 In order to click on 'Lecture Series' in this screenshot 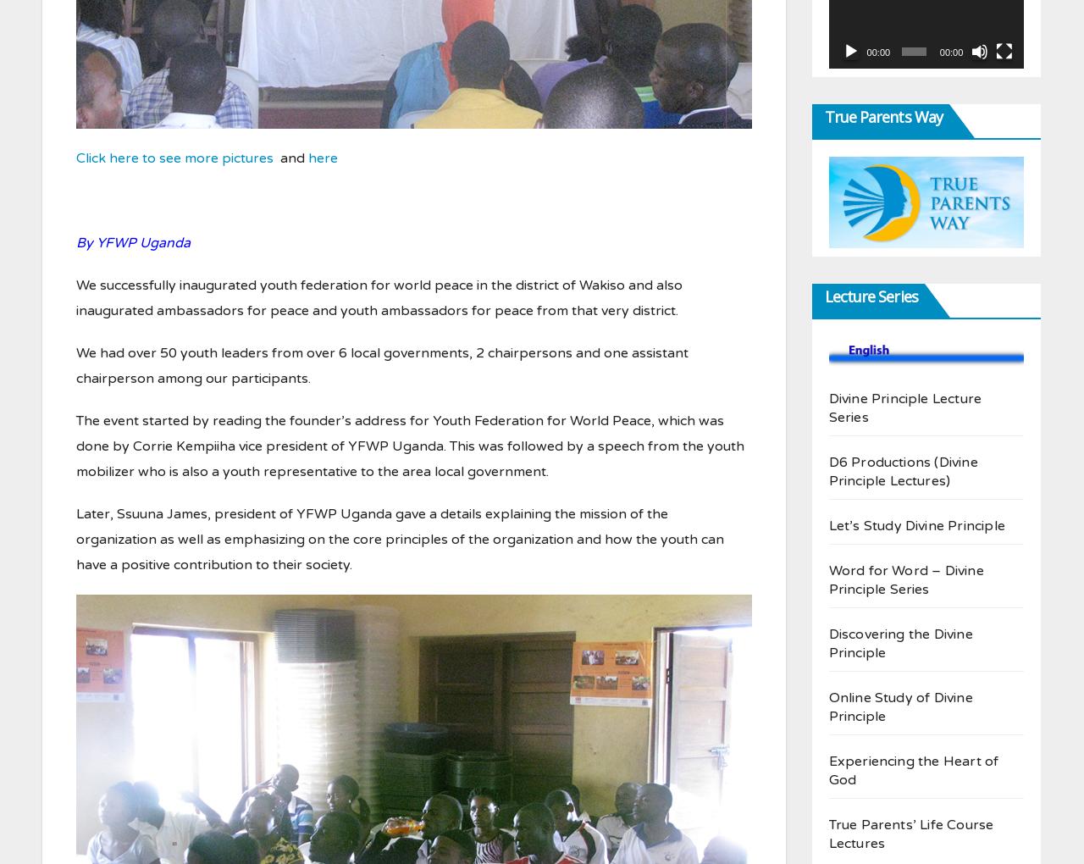, I will do `click(870, 295)`.